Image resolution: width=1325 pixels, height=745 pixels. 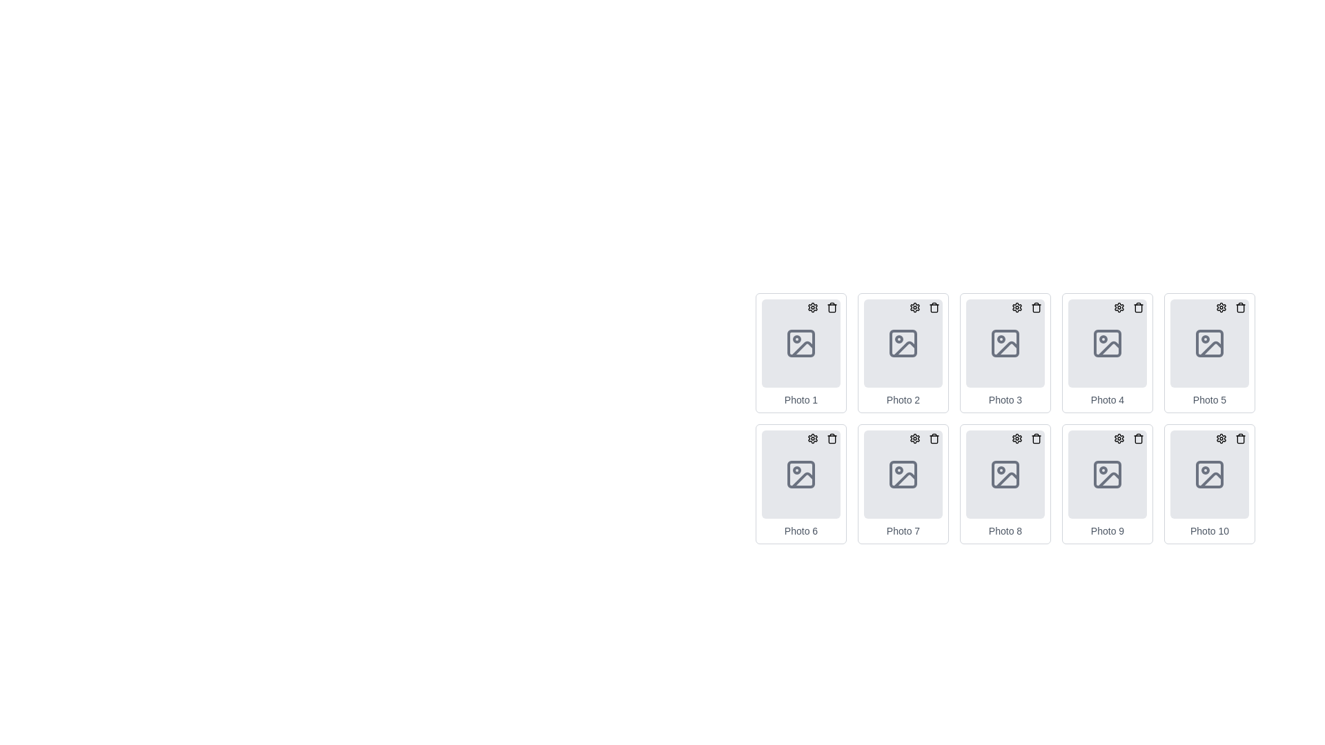 I want to click on the delete icon styled as a trash can located in the top-right corner of the seventh photo in the grid layout, so click(x=934, y=439).